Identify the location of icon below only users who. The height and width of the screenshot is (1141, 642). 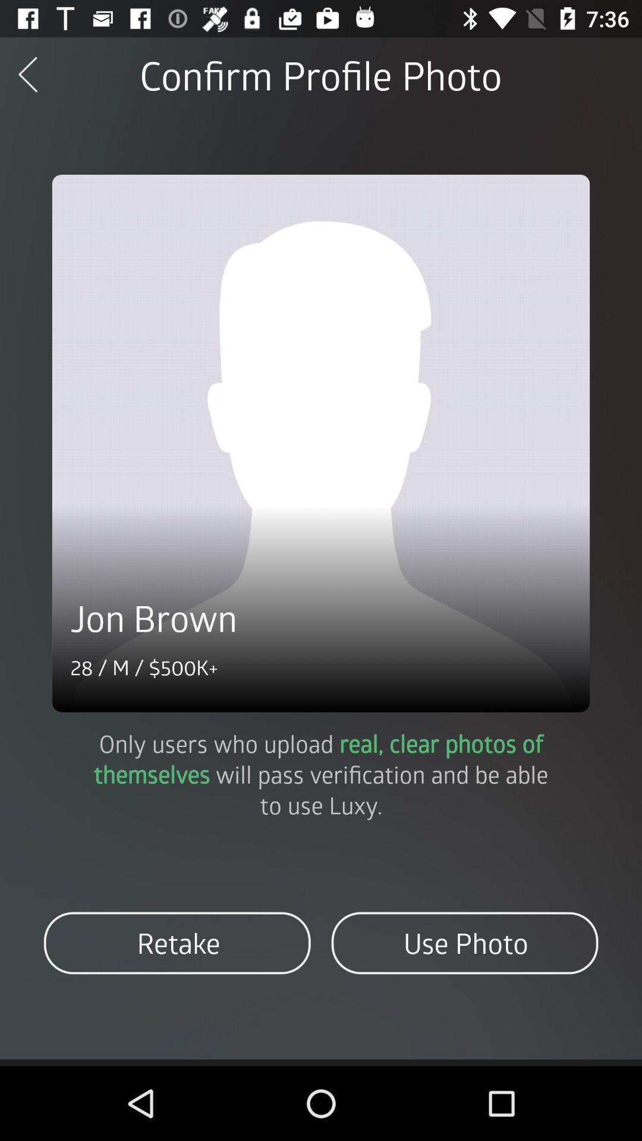
(177, 943).